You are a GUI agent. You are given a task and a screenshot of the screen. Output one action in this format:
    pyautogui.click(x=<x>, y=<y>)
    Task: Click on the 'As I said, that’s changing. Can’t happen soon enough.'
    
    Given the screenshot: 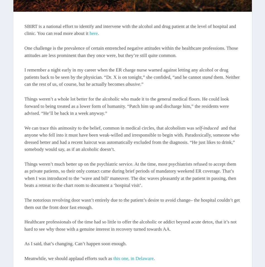 What is the action you would take?
    pyautogui.click(x=24, y=244)
    